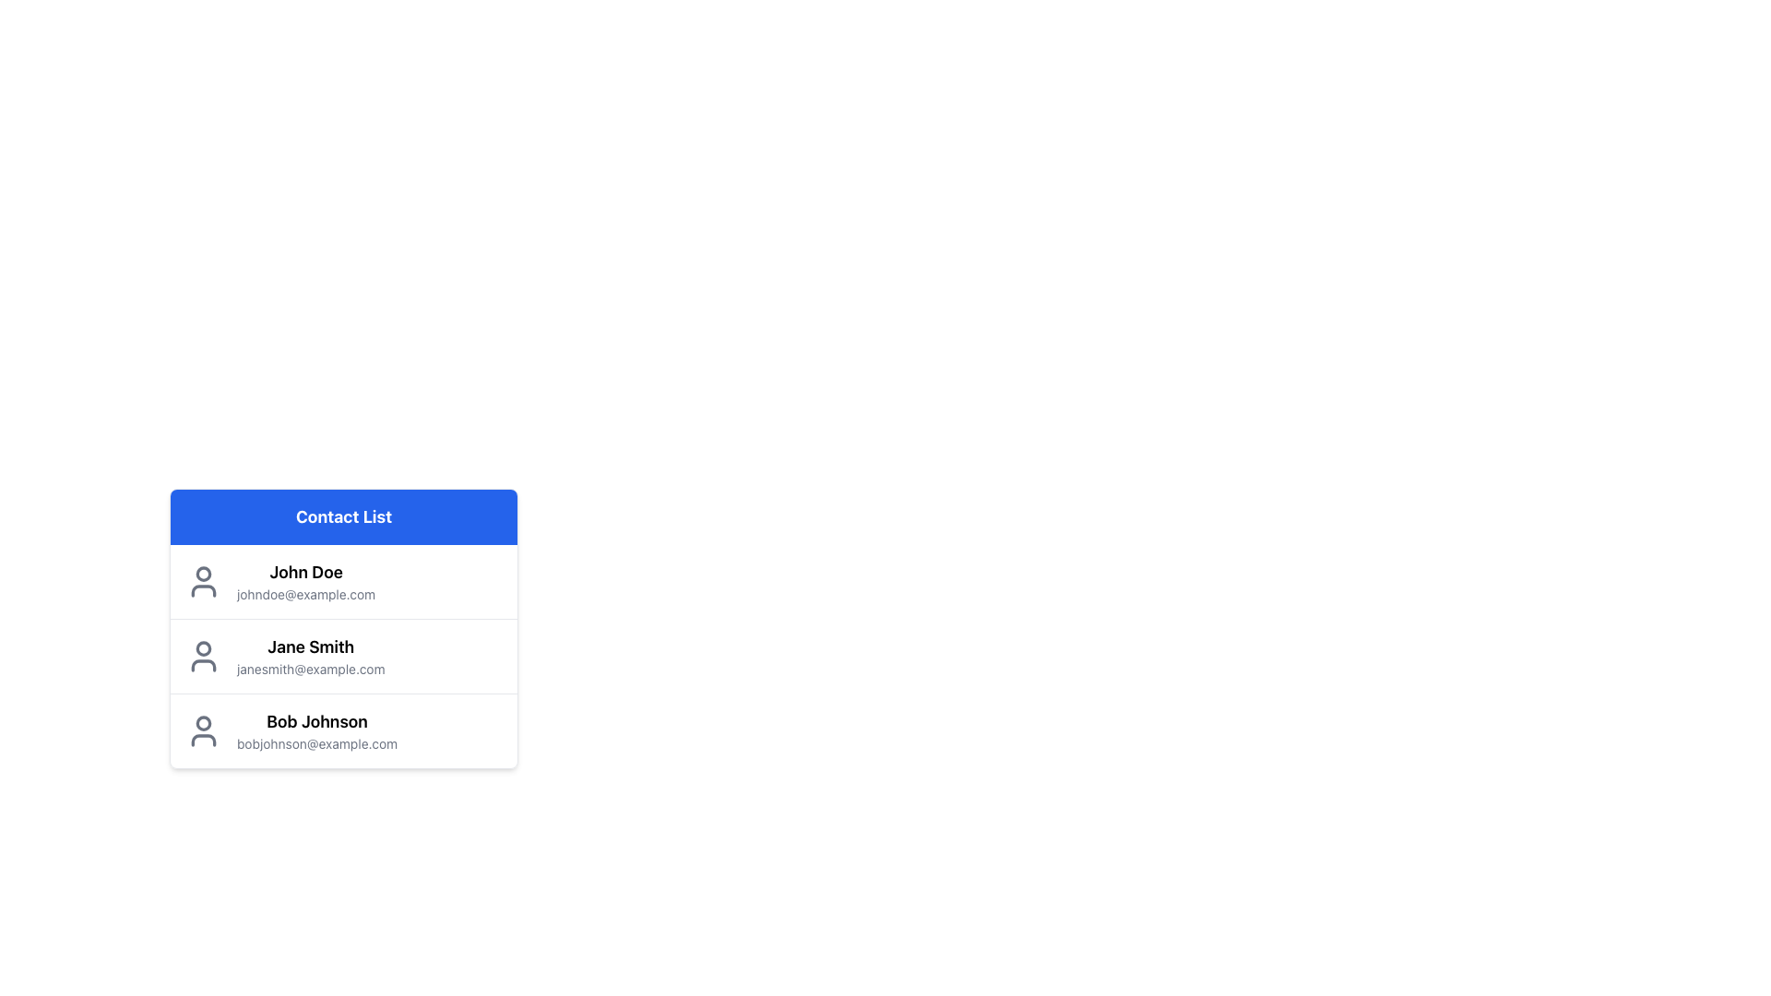 This screenshot has height=996, width=1771. What do you see at coordinates (203, 739) in the screenshot?
I see `the lower half of the user avatar icon representing the shoulders and torso, located to the left of 'Bob Johnson's' name and email address` at bounding box center [203, 739].